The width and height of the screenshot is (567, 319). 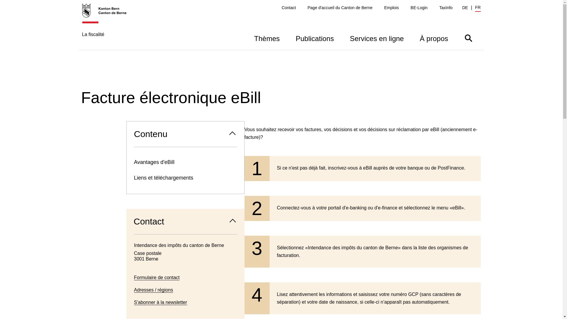 What do you see at coordinates (340, 8) in the screenshot?
I see `'Page d'accueil du Canton de Berne'` at bounding box center [340, 8].